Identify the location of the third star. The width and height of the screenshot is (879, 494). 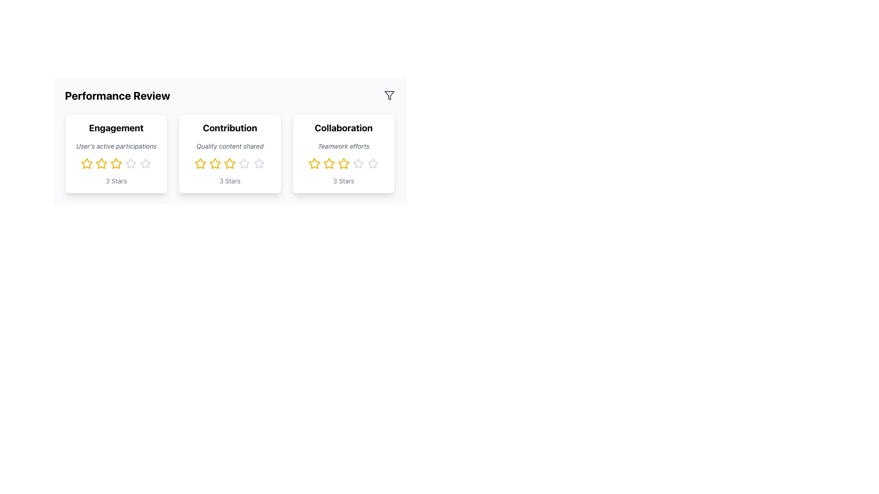
(215, 163).